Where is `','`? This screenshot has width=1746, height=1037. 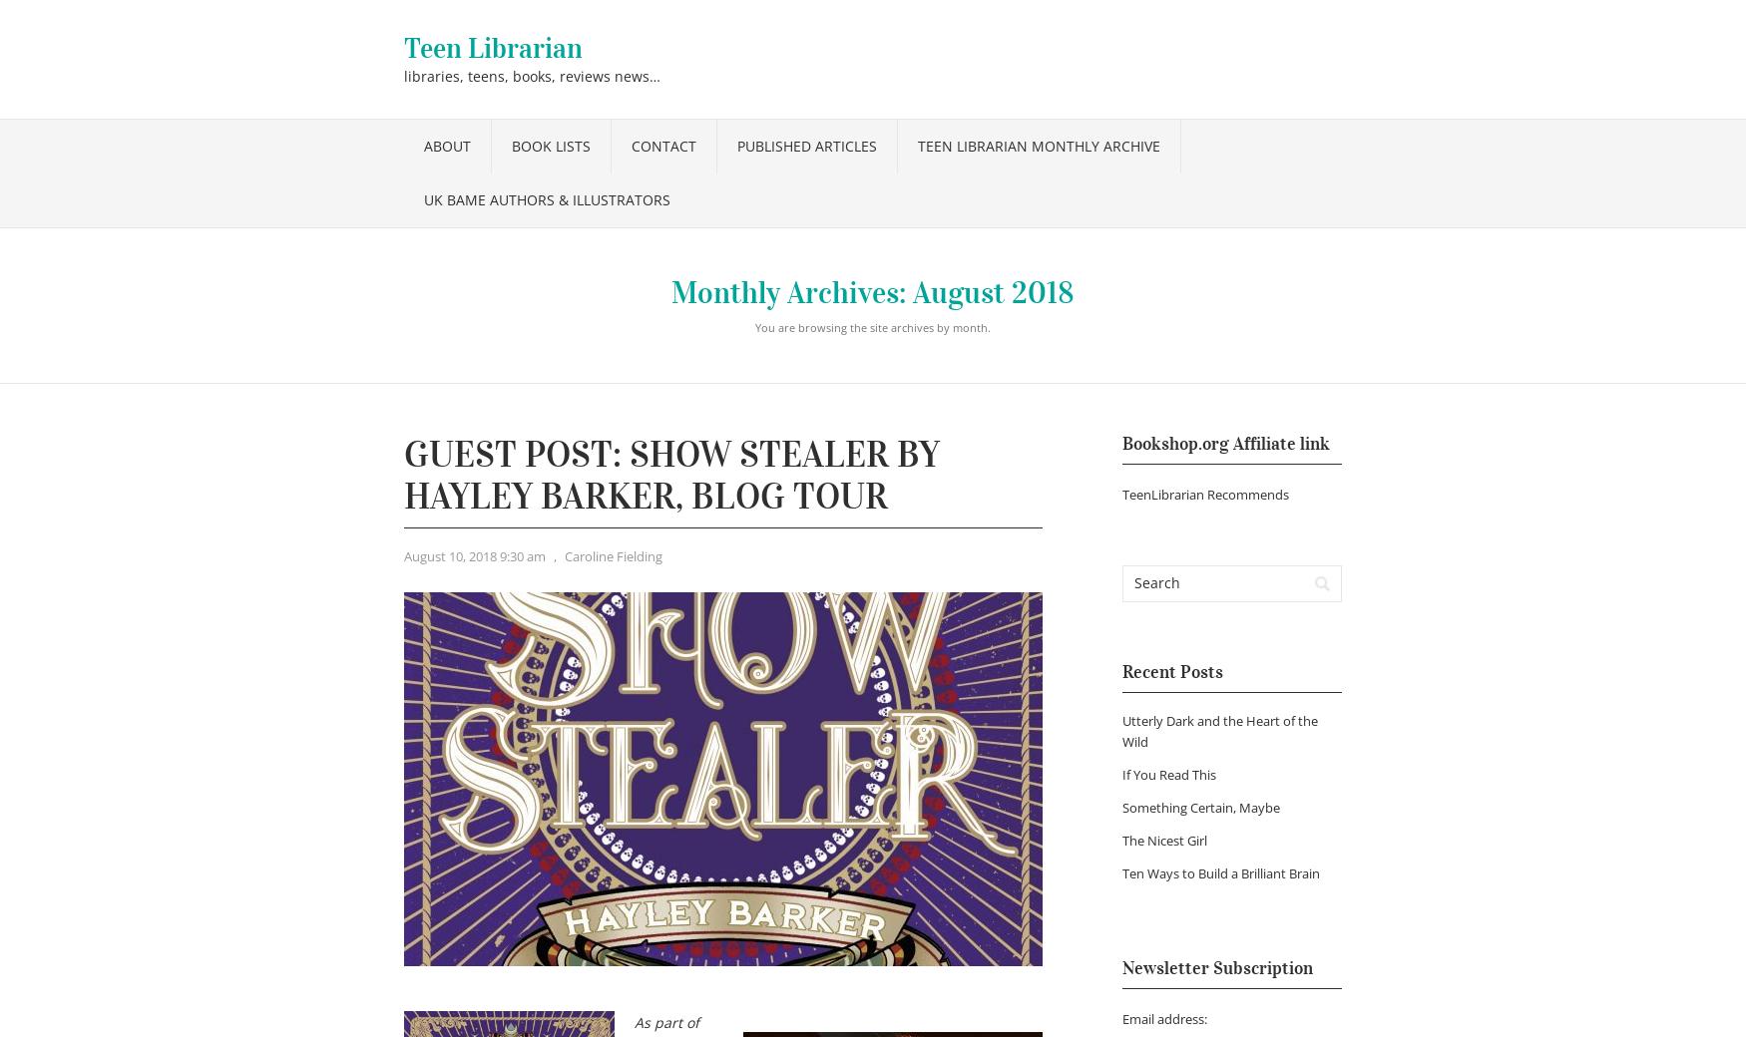 ',' is located at coordinates (554, 554).